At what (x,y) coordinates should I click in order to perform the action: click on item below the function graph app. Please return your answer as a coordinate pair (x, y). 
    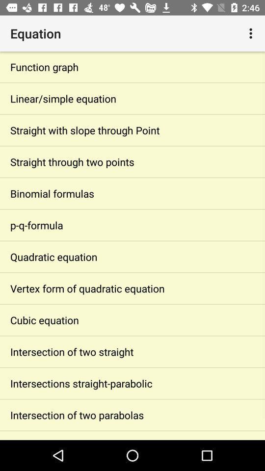
    Looking at the image, I should click on (132, 99).